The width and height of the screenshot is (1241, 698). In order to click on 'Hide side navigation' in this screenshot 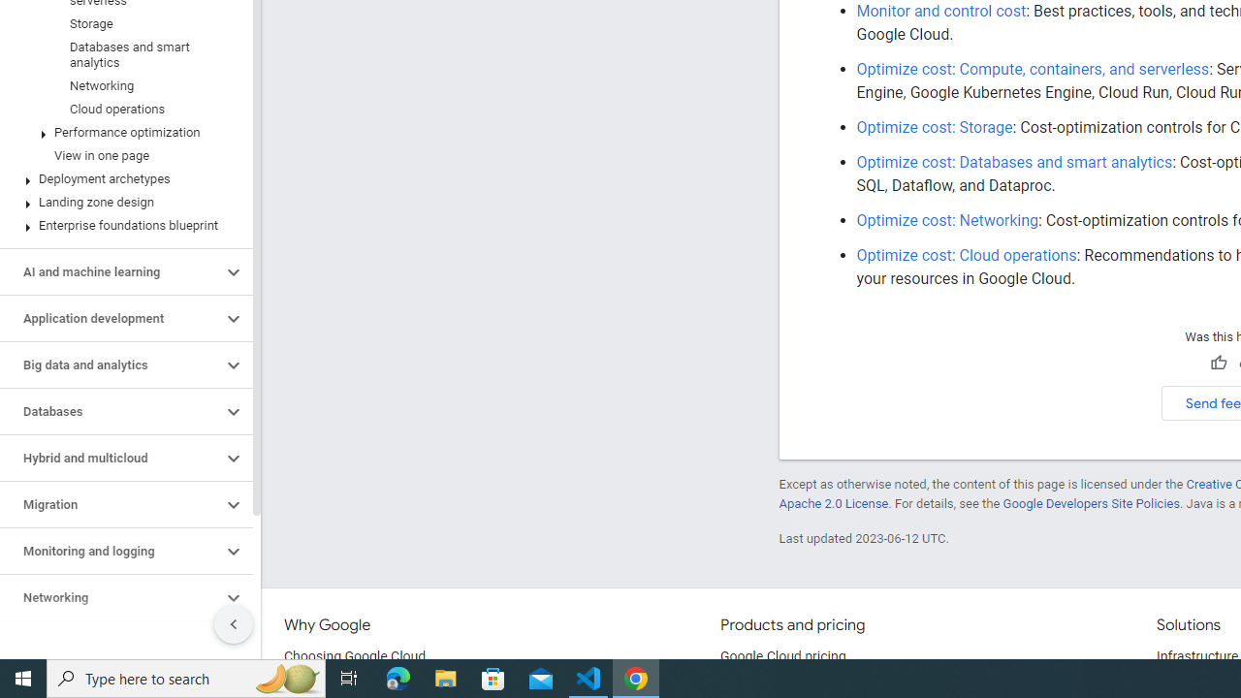, I will do `click(233, 624)`.